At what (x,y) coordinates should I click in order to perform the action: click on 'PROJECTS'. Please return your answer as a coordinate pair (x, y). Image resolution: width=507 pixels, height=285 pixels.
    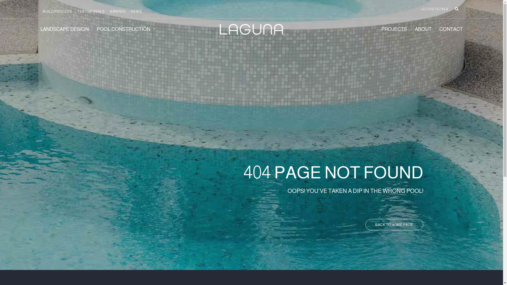
    Looking at the image, I should click on (373, 29).